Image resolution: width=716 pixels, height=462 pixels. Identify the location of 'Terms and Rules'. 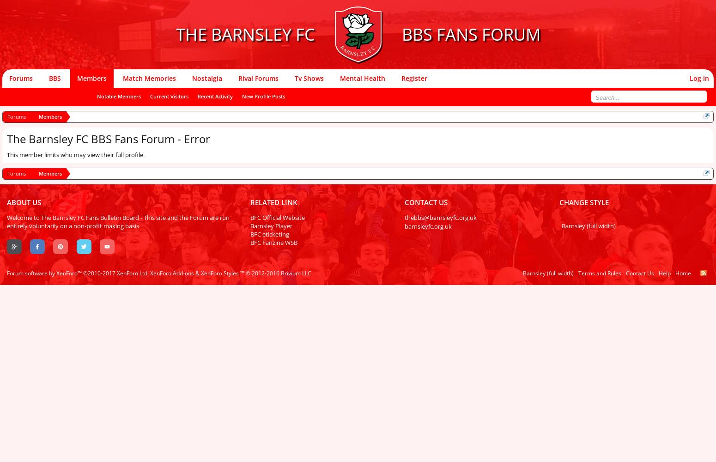
(577, 273).